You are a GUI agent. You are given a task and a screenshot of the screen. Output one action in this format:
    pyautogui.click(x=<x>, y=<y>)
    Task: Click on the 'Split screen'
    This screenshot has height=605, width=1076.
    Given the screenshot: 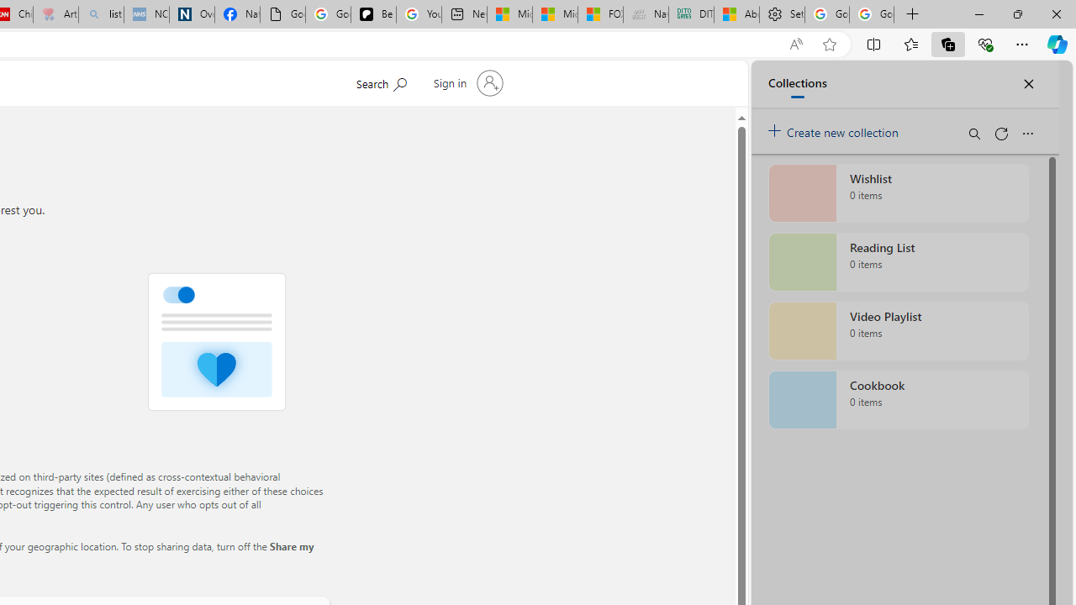 What is the action you would take?
    pyautogui.click(x=874, y=43)
    